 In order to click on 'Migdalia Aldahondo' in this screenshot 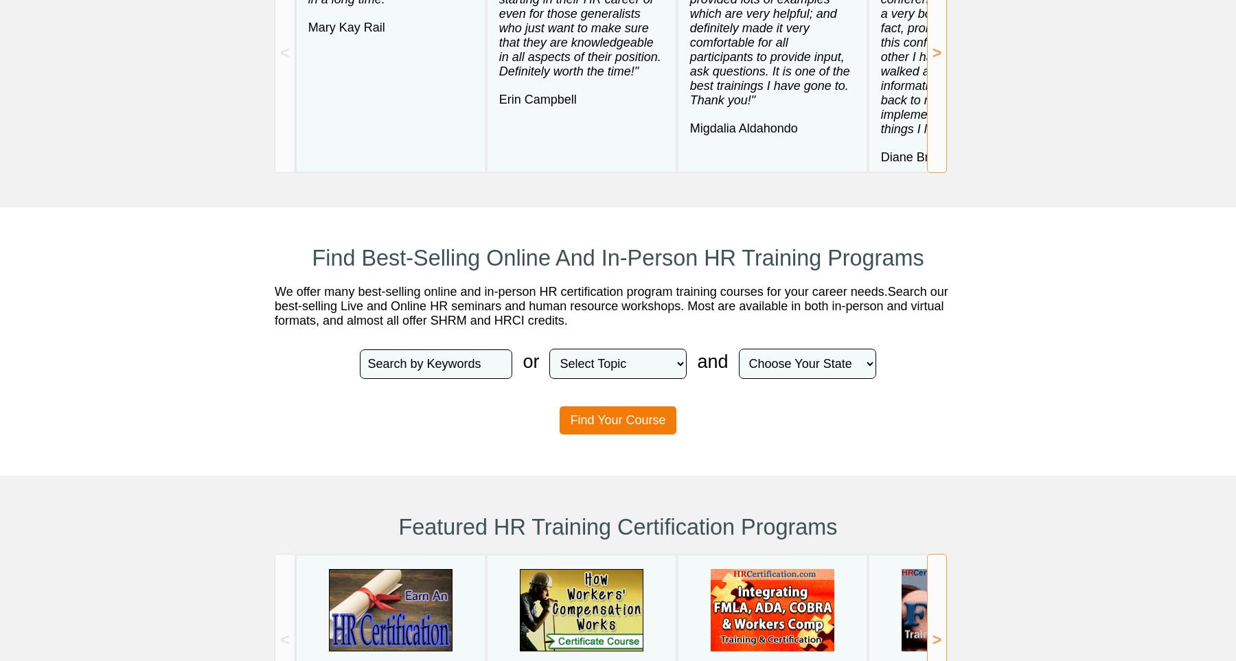, I will do `click(689, 126)`.